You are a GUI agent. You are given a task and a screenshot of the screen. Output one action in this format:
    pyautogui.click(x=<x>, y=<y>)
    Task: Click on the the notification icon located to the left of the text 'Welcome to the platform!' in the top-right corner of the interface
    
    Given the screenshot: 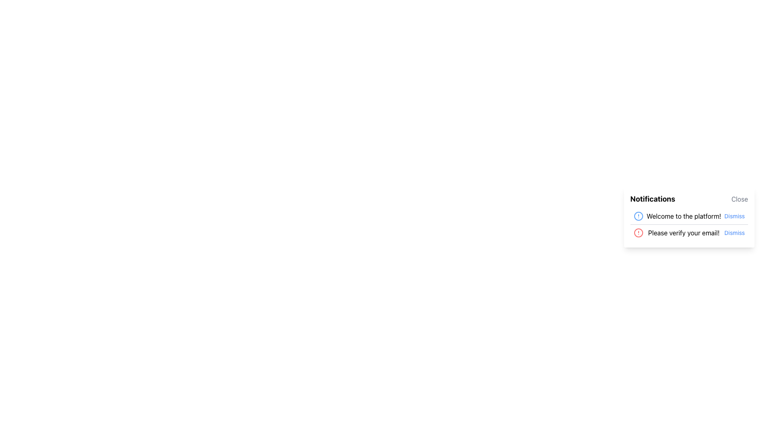 What is the action you would take?
    pyautogui.click(x=638, y=216)
    